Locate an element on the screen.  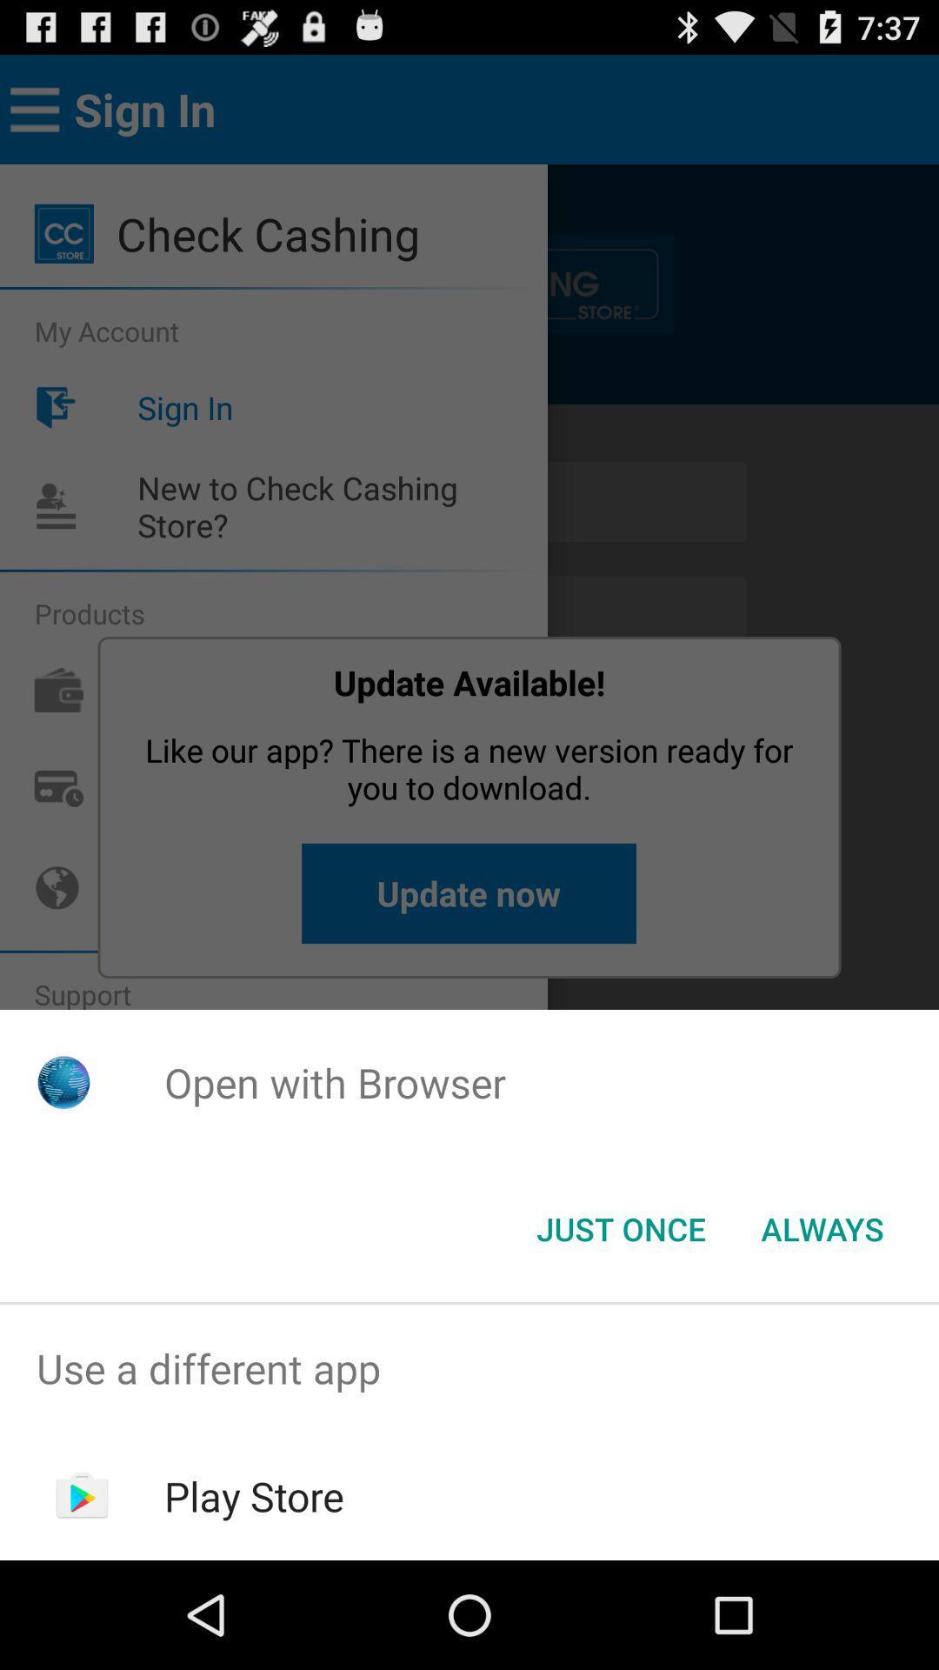
icon to the left of the always is located at coordinates (620, 1227).